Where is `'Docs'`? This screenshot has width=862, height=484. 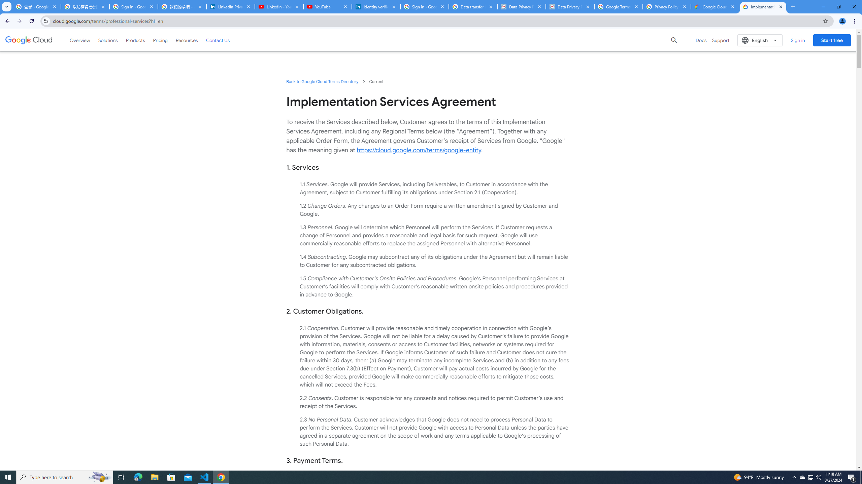
'Docs' is located at coordinates (701, 40).